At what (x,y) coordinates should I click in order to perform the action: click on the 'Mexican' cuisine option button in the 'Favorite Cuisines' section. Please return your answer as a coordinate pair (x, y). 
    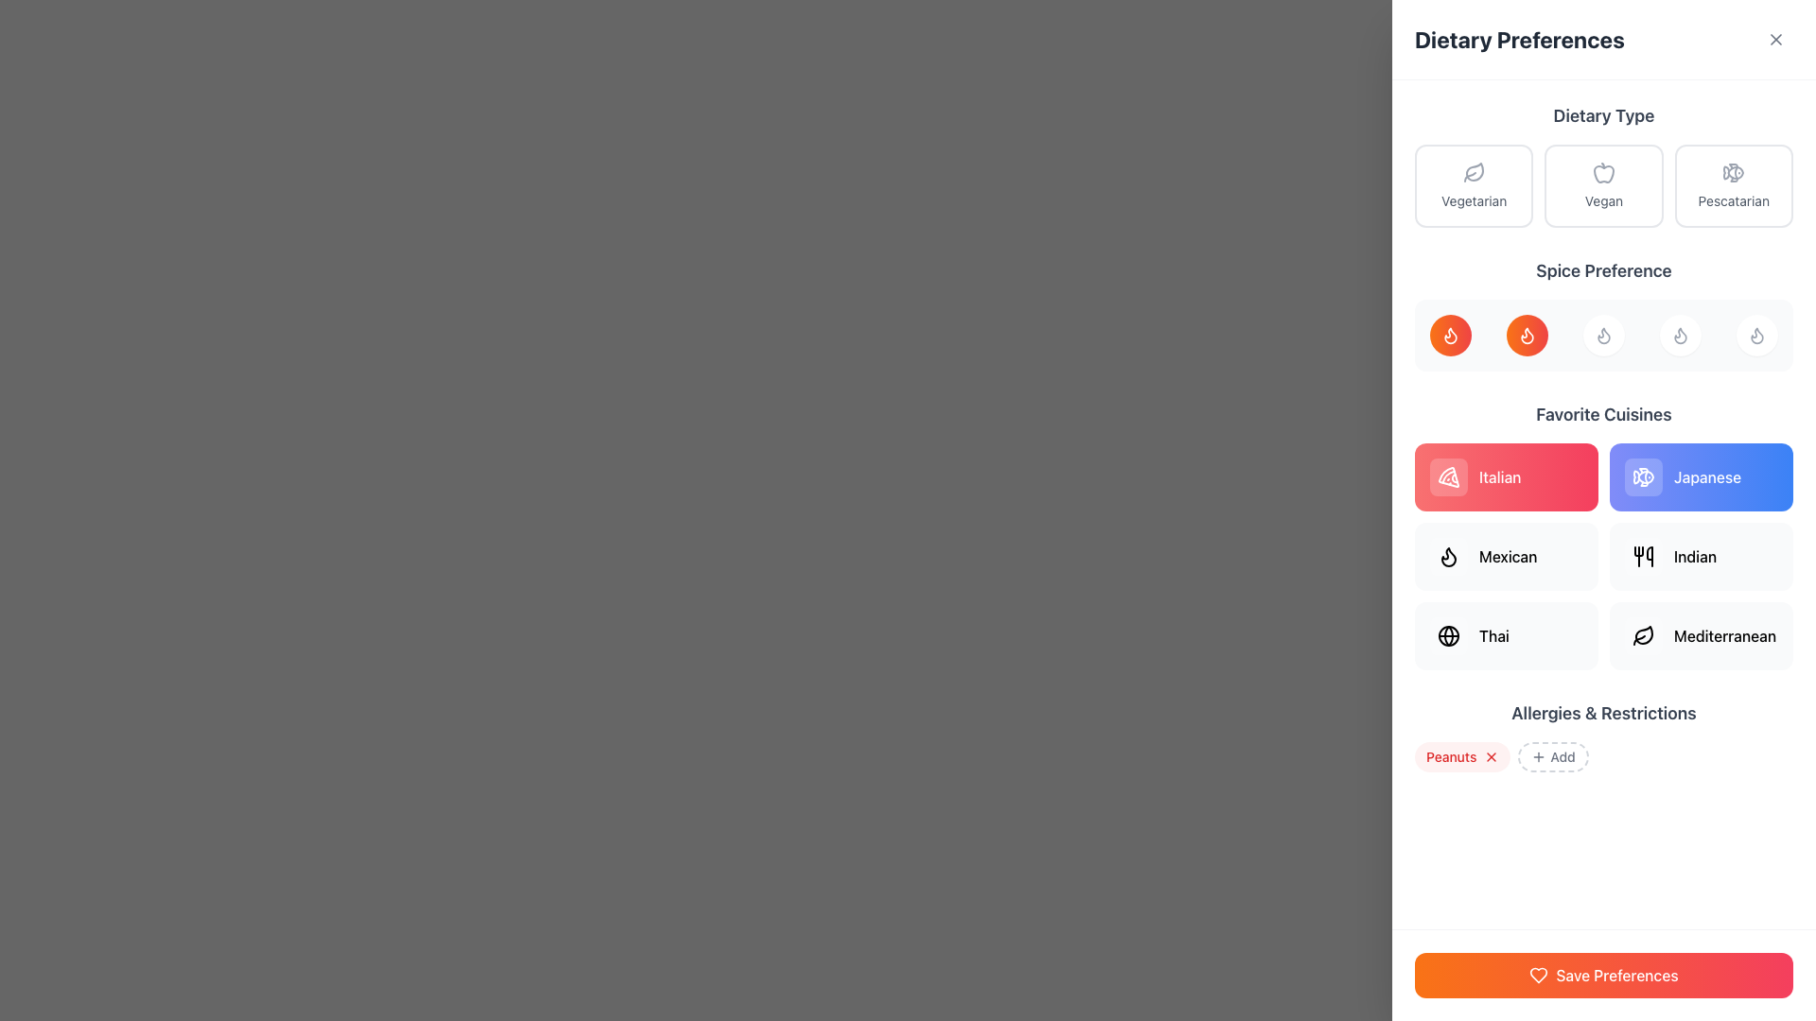
    Looking at the image, I should click on (1506, 556).